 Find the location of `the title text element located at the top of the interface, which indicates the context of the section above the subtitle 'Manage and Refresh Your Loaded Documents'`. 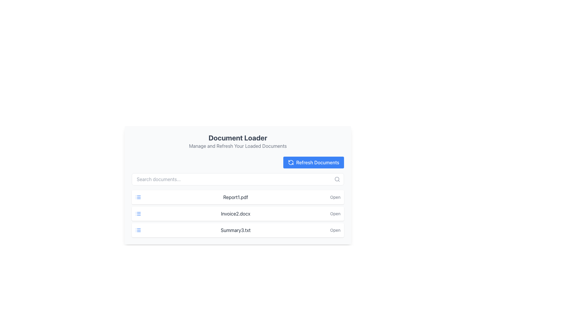

the title text element located at the top of the interface, which indicates the context of the section above the subtitle 'Manage and Refresh Your Loaded Documents' is located at coordinates (238, 138).